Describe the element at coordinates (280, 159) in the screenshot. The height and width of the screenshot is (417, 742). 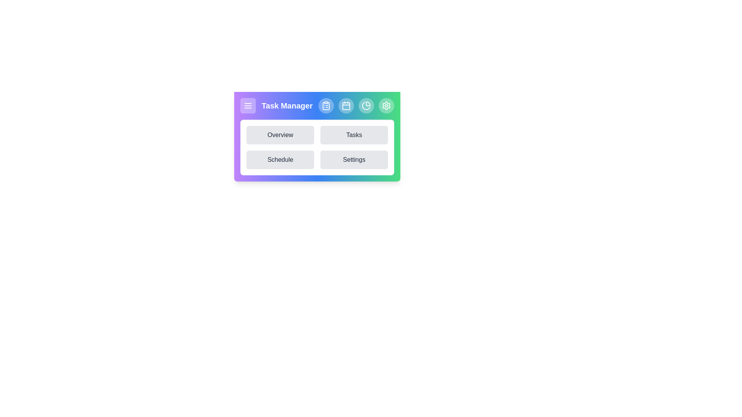
I see `the Schedule navigation button` at that location.